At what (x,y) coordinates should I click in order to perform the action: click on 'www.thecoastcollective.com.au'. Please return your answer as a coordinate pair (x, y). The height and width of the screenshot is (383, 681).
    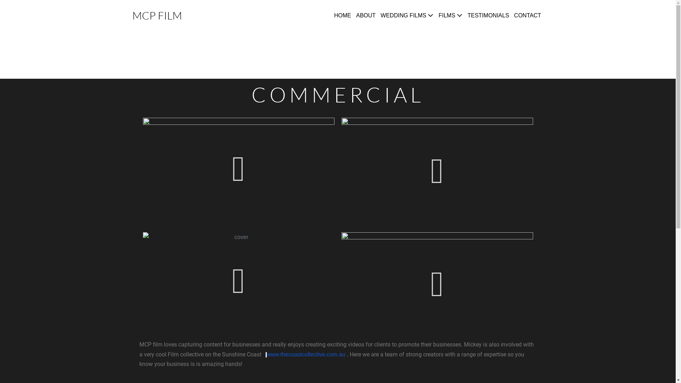
    Looking at the image, I should click on (306, 354).